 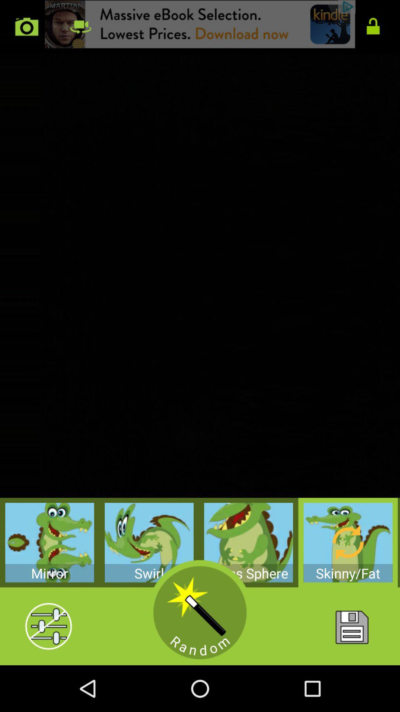 What do you see at coordinates (373, 29) in the screenshot?
I see `the lock icon` at bounding box center [373, 29].